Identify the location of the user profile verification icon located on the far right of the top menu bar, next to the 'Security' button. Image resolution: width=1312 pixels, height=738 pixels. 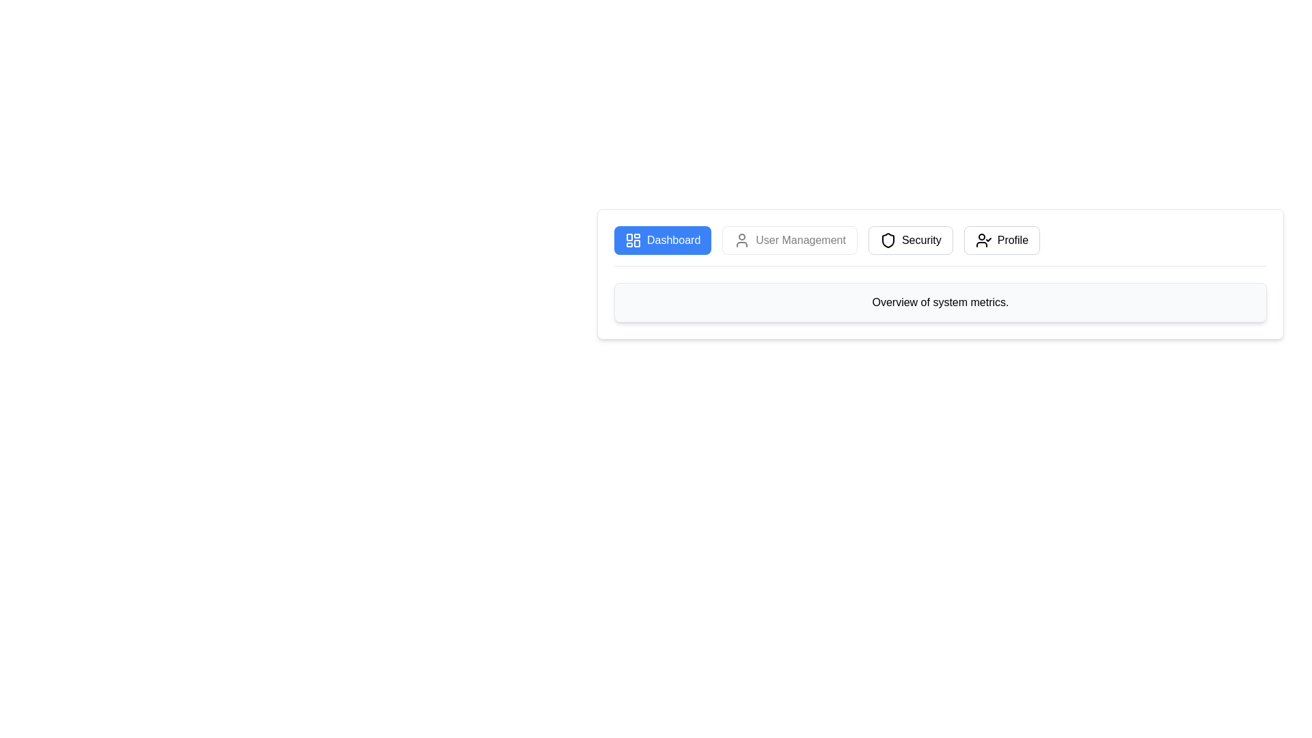
(983, 239).